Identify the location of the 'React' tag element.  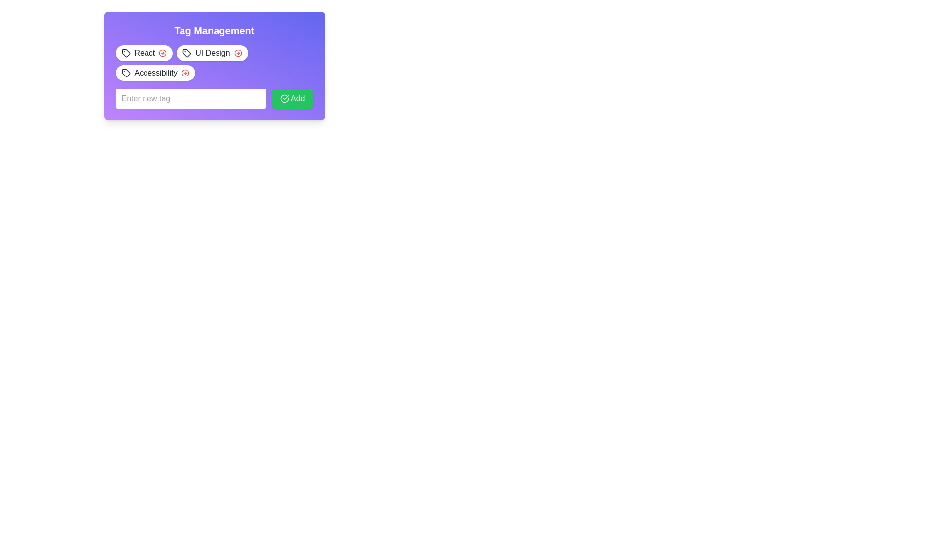
(144, 53).